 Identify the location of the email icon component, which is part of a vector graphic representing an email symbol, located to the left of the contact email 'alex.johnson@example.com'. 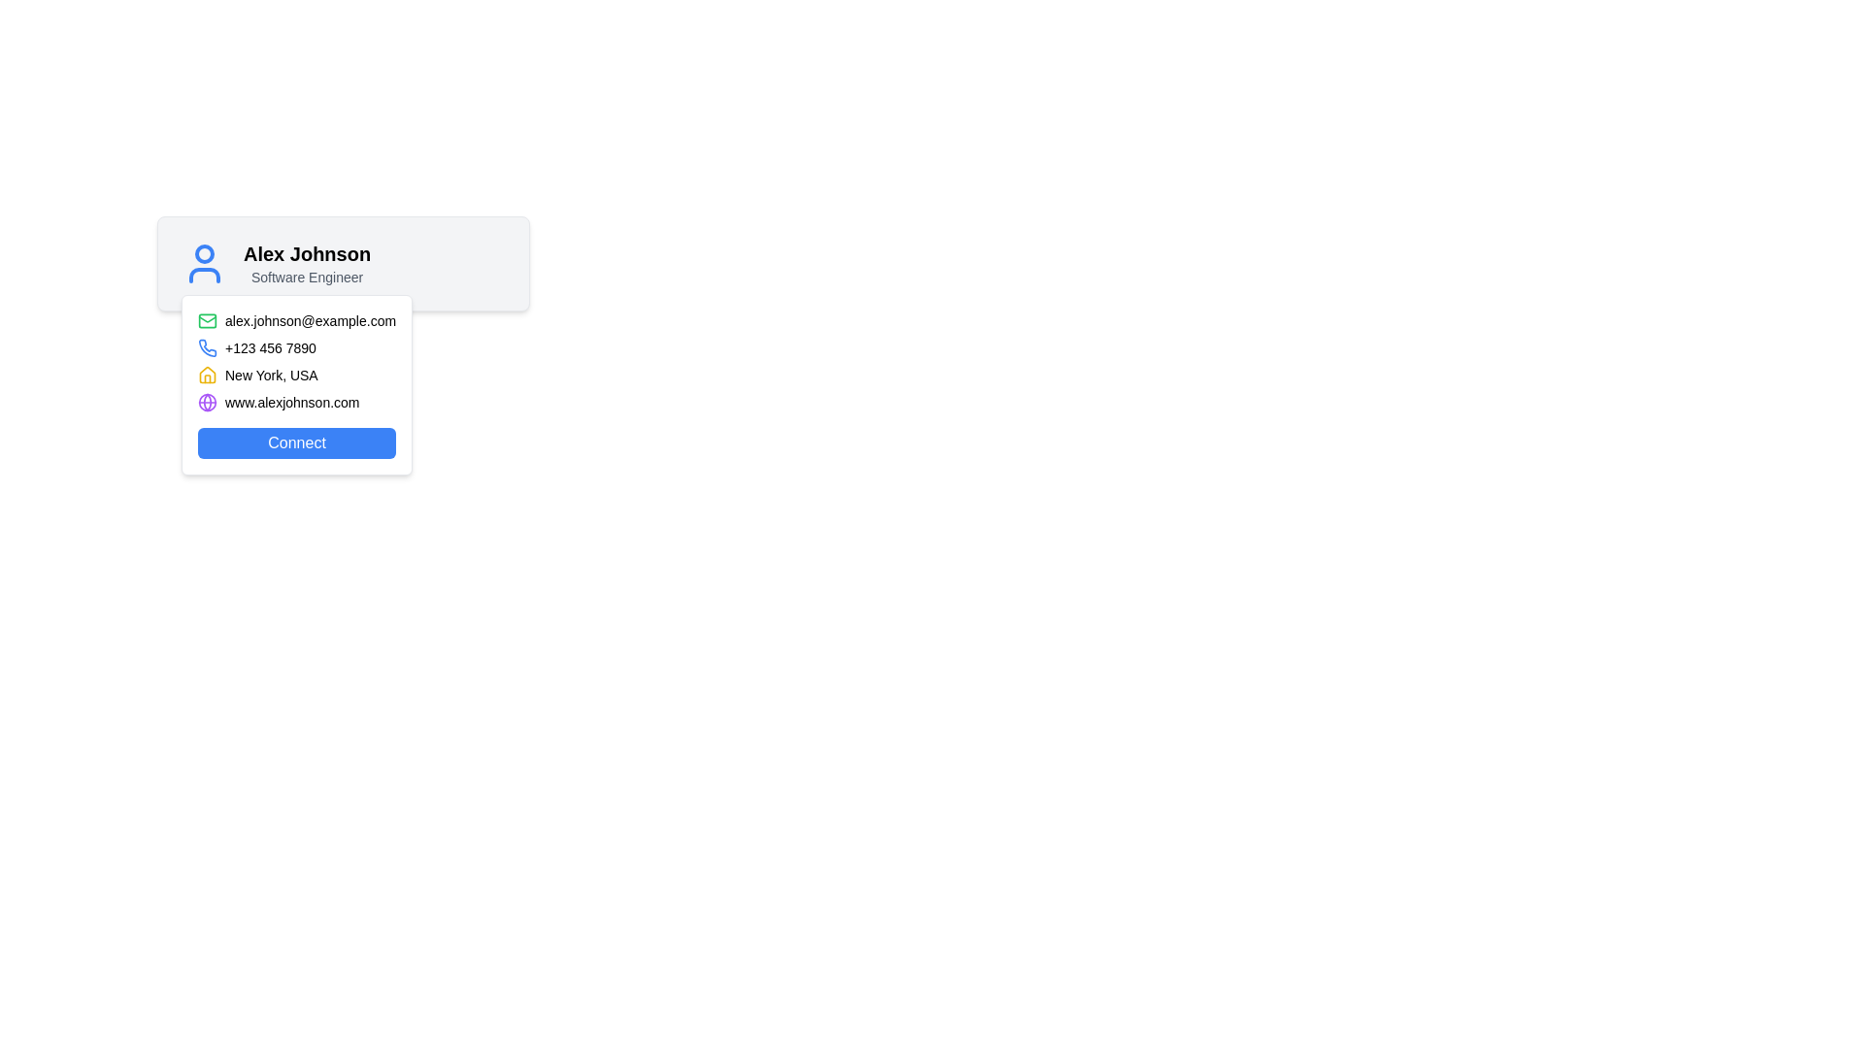
(208, 320).